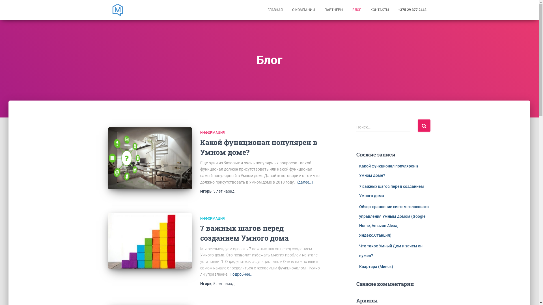 This screenshot has width=543, height=305. I want to click on '+375 29 377 2448', so click(393, 10).